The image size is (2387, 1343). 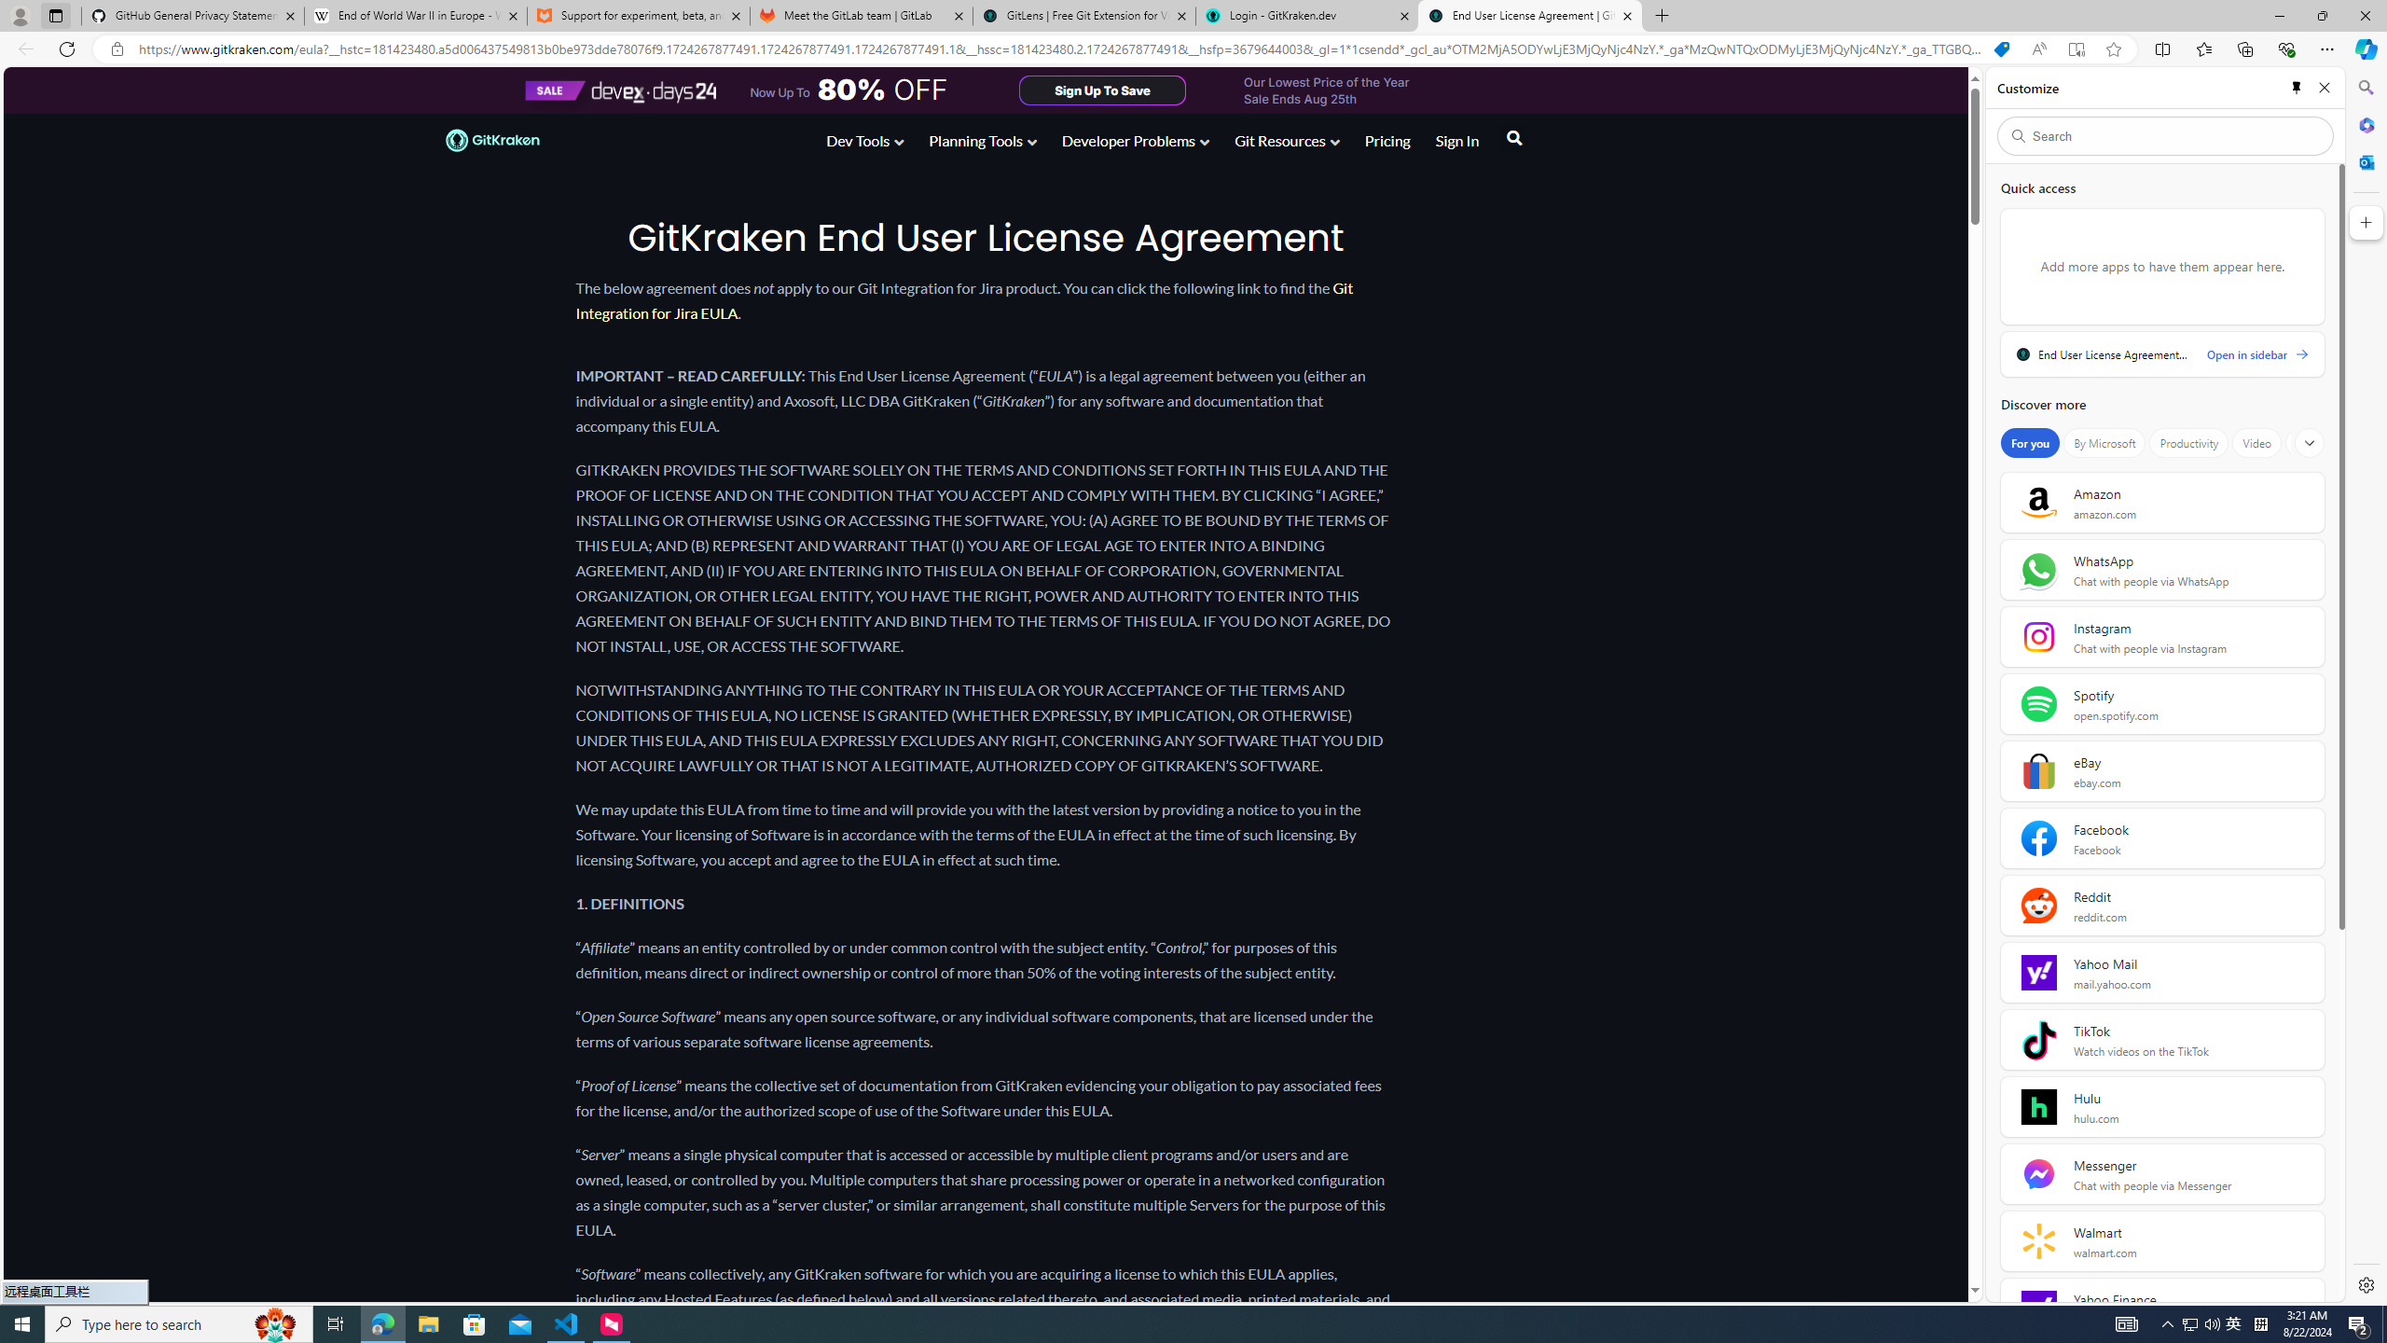 What do you see at coordinates (2188, 442) in the screenshot?
I see `'Productivity'` at bounding box center [2188, 442].